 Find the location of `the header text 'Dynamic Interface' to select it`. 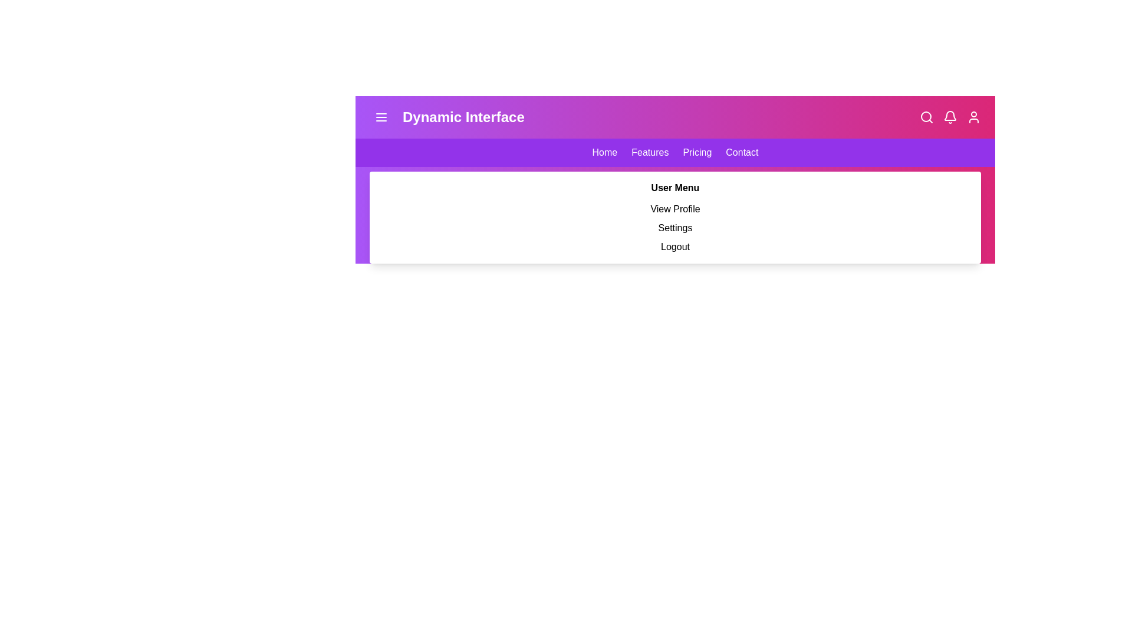

the header text 'Dynamic Interface' to select it is located at coordinates (446, 117).